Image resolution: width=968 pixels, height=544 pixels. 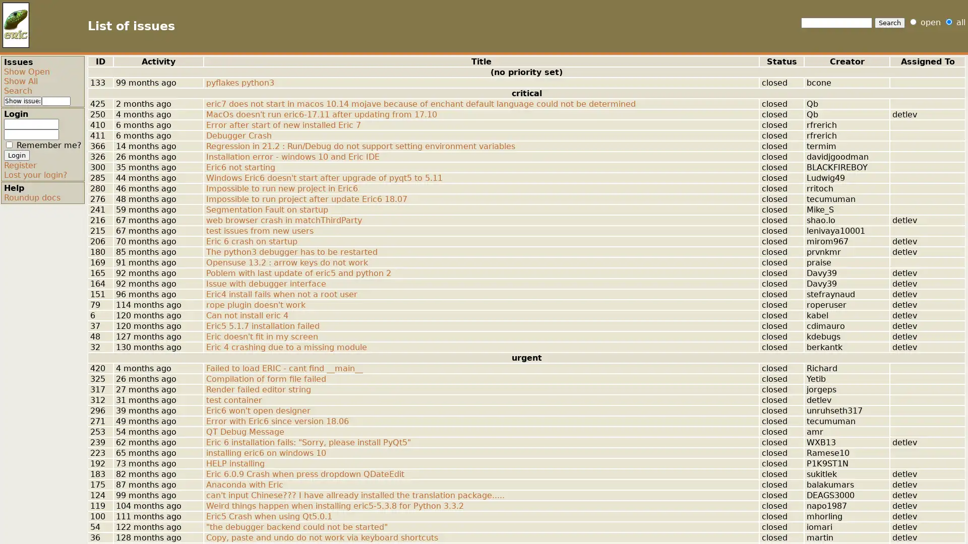 I want to click on Login, so click(x=17, y=155).